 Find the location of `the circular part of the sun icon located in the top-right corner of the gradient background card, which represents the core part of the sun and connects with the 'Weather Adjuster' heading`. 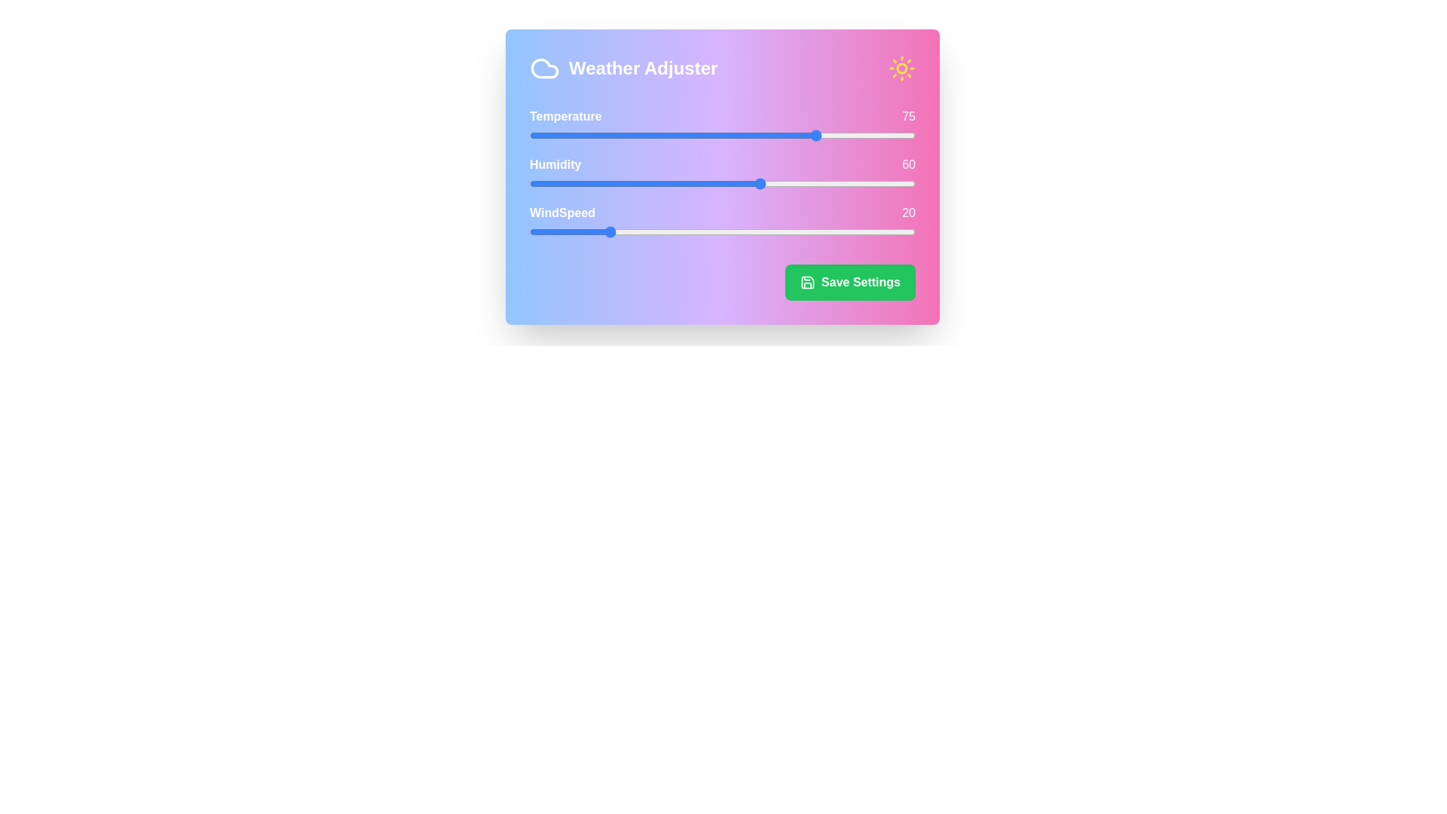

the circular part of the sun icon located in the top-right corner of the gradient background card, which represents the core part of the sun and connects with the 'Weather Adjuster' heading is located at coordinates (901, 69).